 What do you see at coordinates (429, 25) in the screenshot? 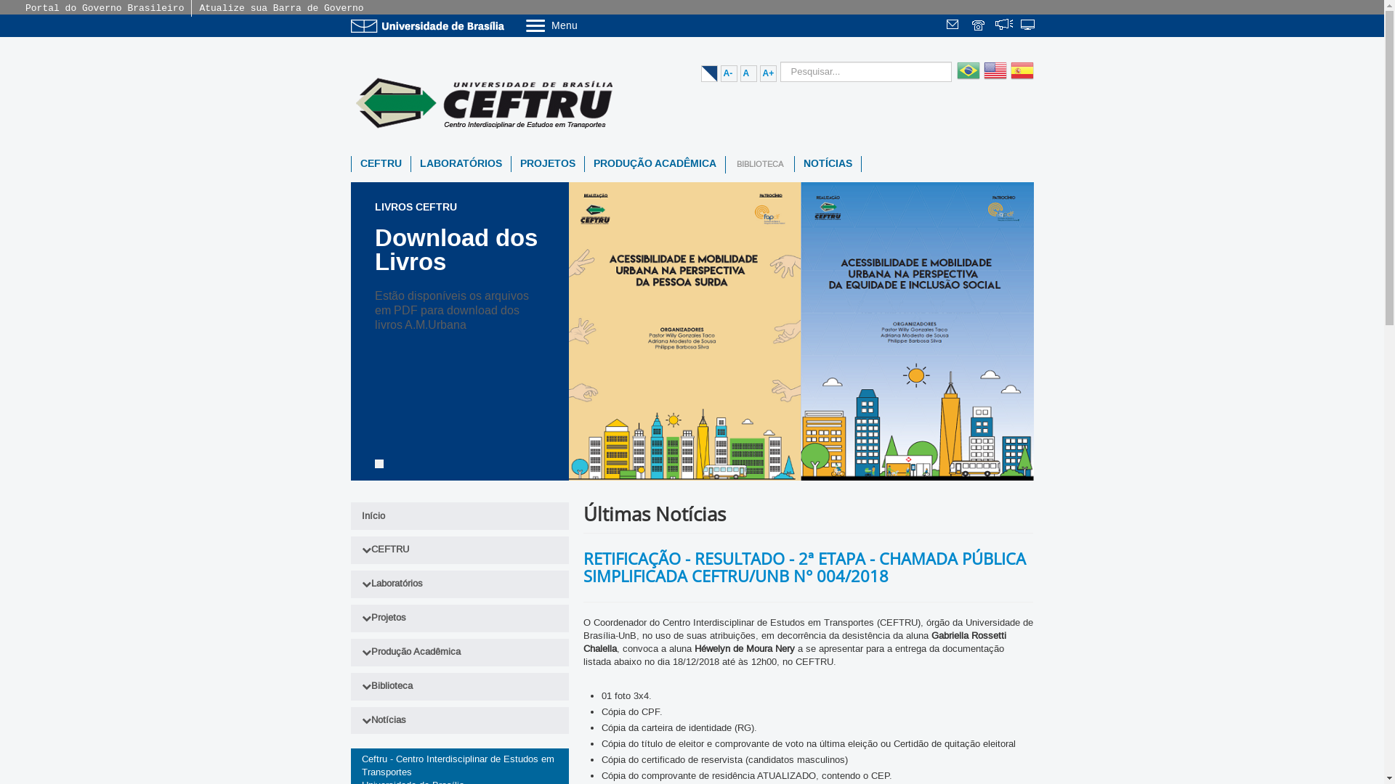
I see `'Ir para o Portal da UnB'` at bounding box center [429, 25].